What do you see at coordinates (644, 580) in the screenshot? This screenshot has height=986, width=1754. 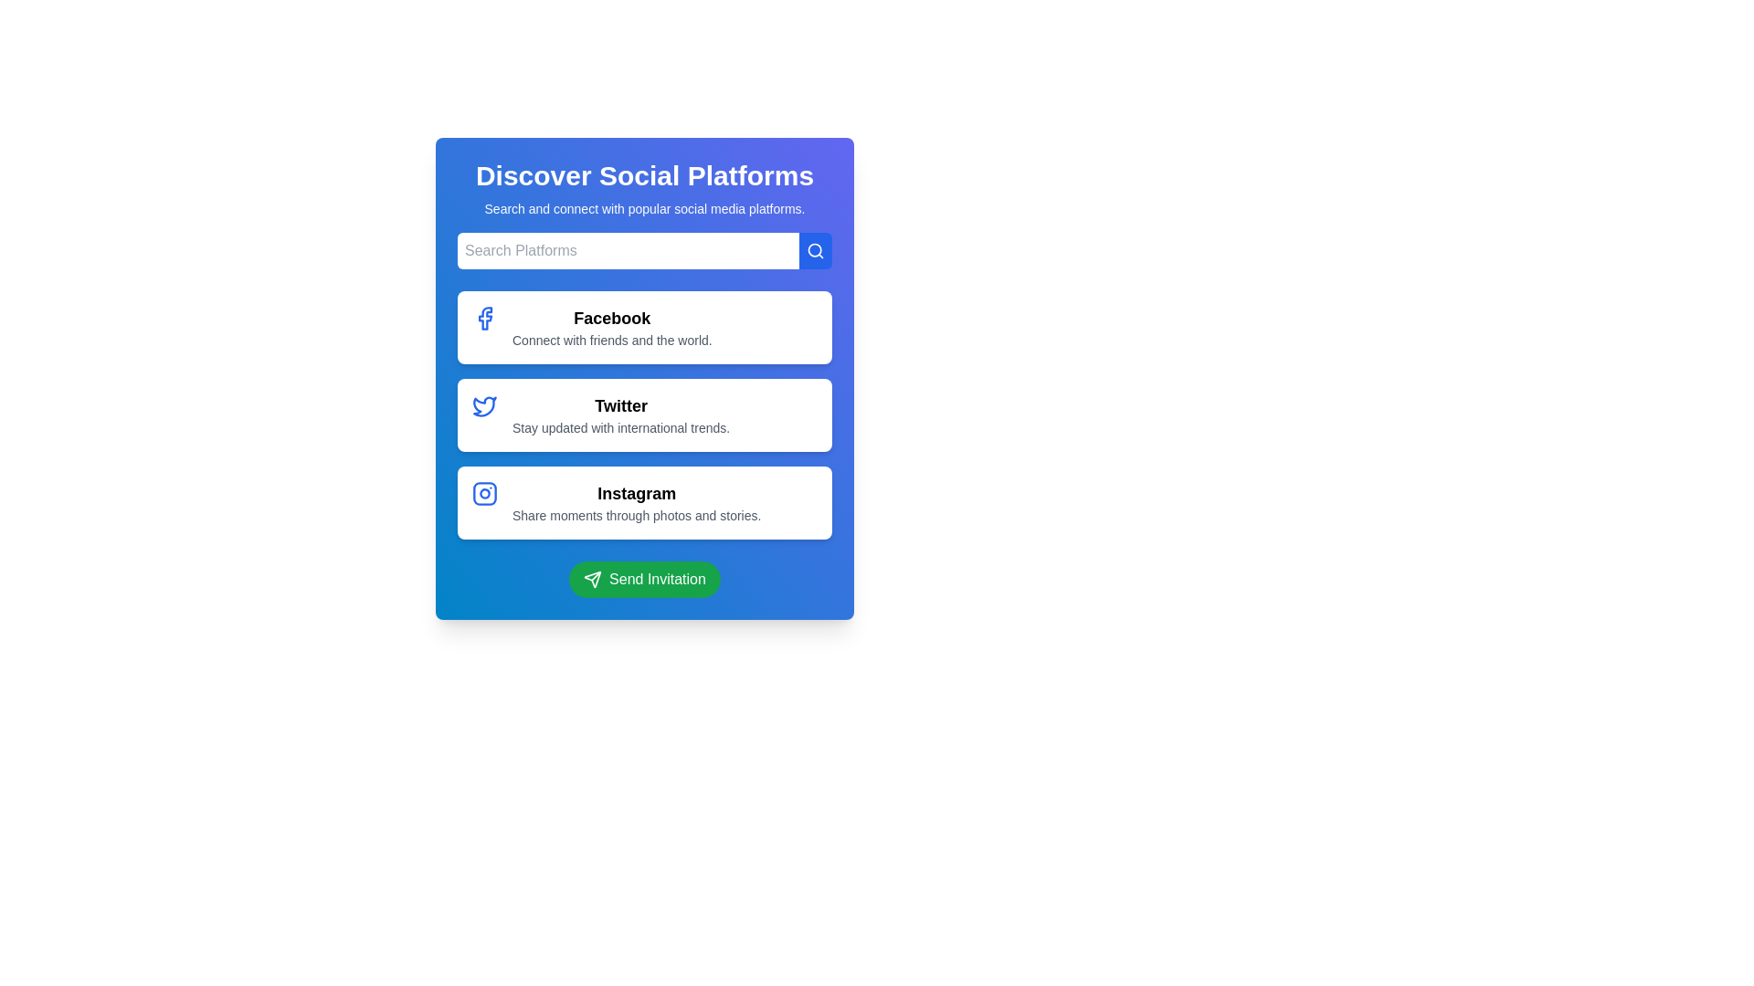 I see `the 'Send Invitation' button with rounded edges and a green background, located at the bottom of the 'Discover Social Platforms' card` at bounding box center [644, 580].